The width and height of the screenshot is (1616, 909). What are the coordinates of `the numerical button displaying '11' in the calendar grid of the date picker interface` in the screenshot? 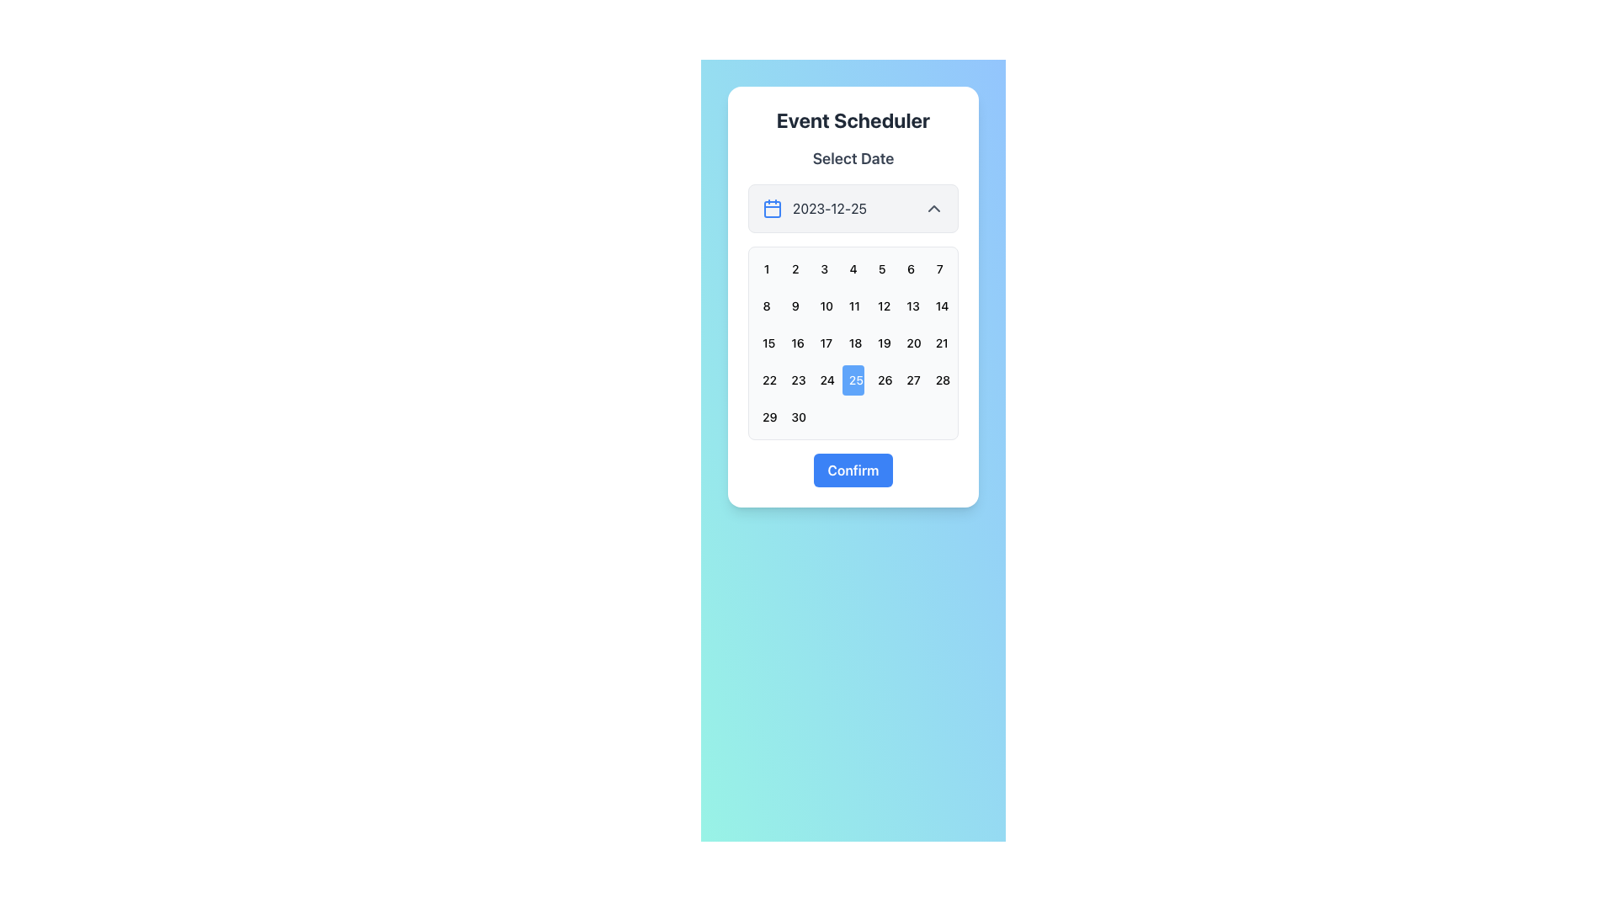 It's located at (853, 306).